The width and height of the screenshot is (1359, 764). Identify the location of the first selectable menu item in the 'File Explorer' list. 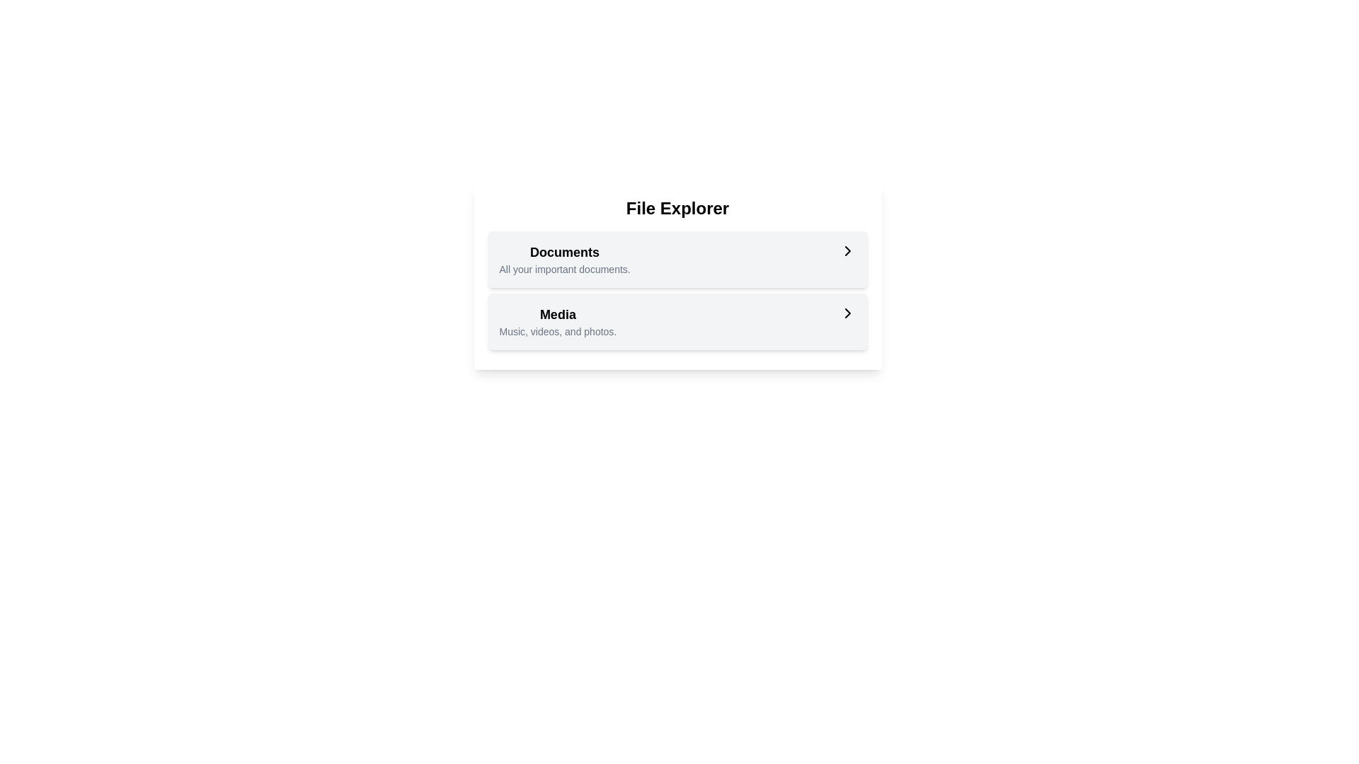
(564, 259).